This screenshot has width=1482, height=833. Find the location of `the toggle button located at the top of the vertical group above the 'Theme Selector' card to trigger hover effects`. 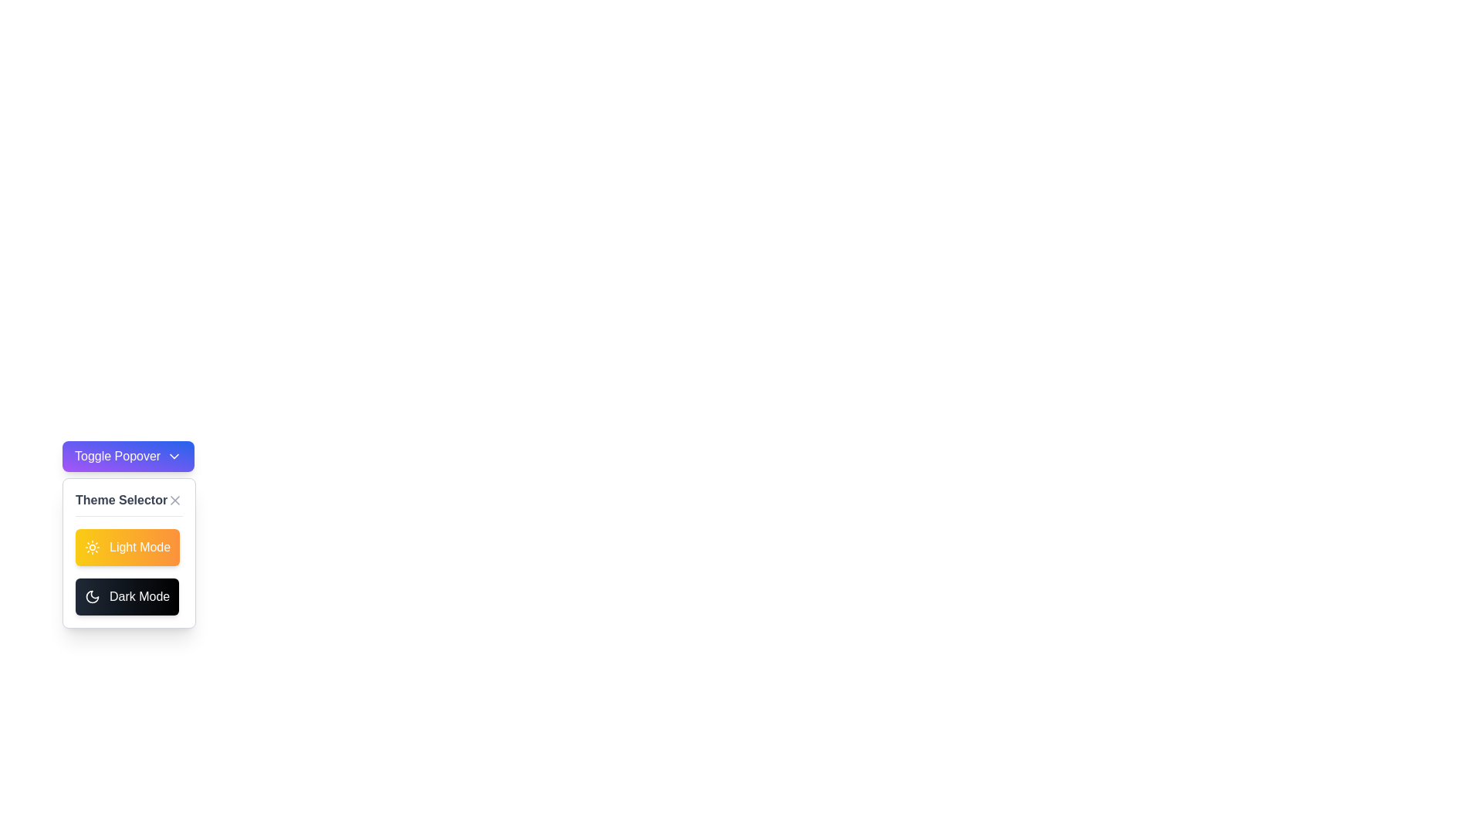

the toggle button located at the top of the vertical group above the 'Theme Selector' card to trigger hover effects is located at coordinates (128, 455).